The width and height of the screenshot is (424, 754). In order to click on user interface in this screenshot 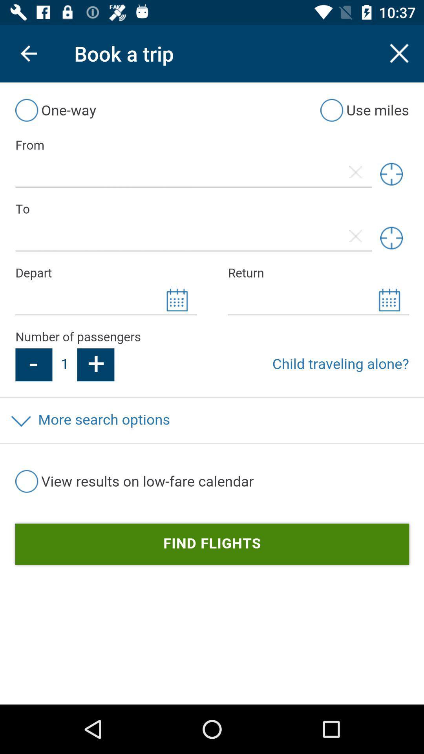, I will do `click(212, 393)`.